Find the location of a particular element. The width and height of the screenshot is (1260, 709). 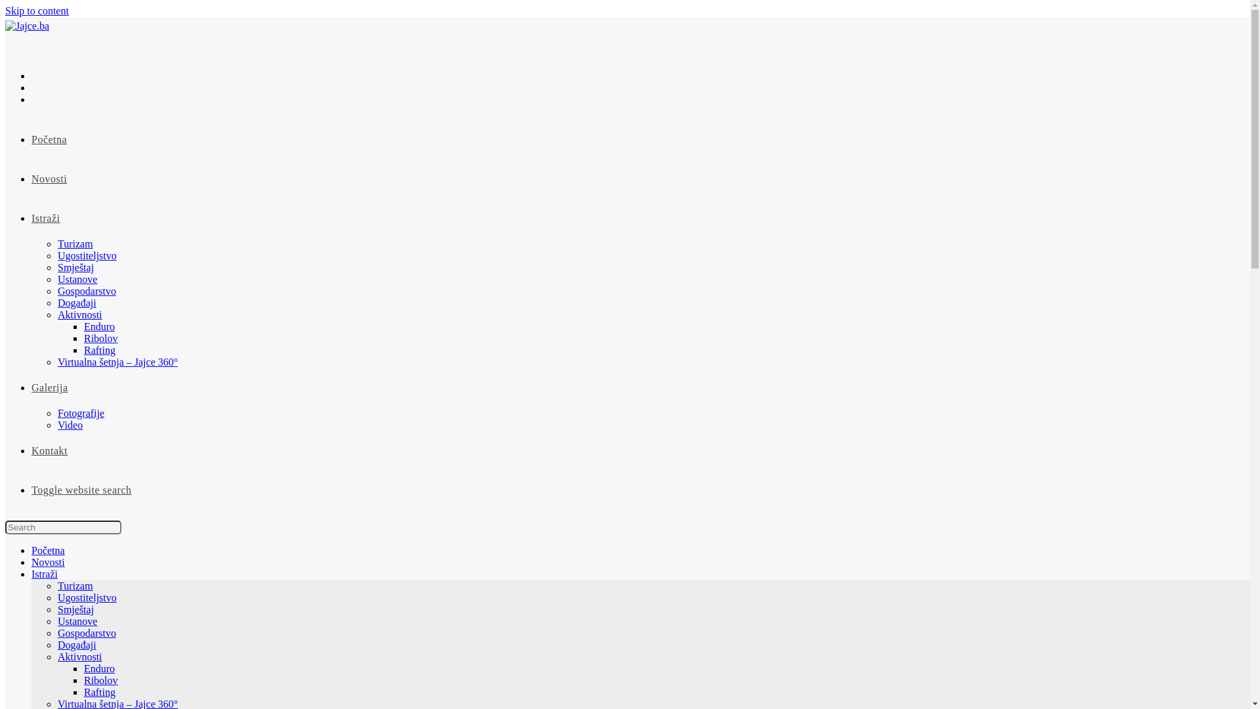

'Enduro' is located at coordinates (98, 326).